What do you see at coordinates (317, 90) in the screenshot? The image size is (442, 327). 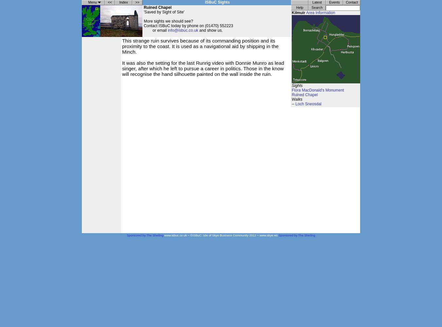 I see `'Flora MacDonald's Monument'` at bounding box center [317, 90].